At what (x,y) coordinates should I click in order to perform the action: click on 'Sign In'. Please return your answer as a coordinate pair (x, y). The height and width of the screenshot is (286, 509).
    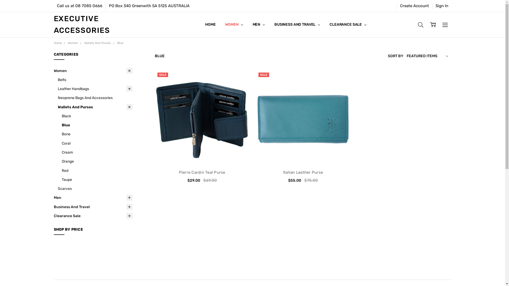
    Looking at the image, I should click on (432, 6).